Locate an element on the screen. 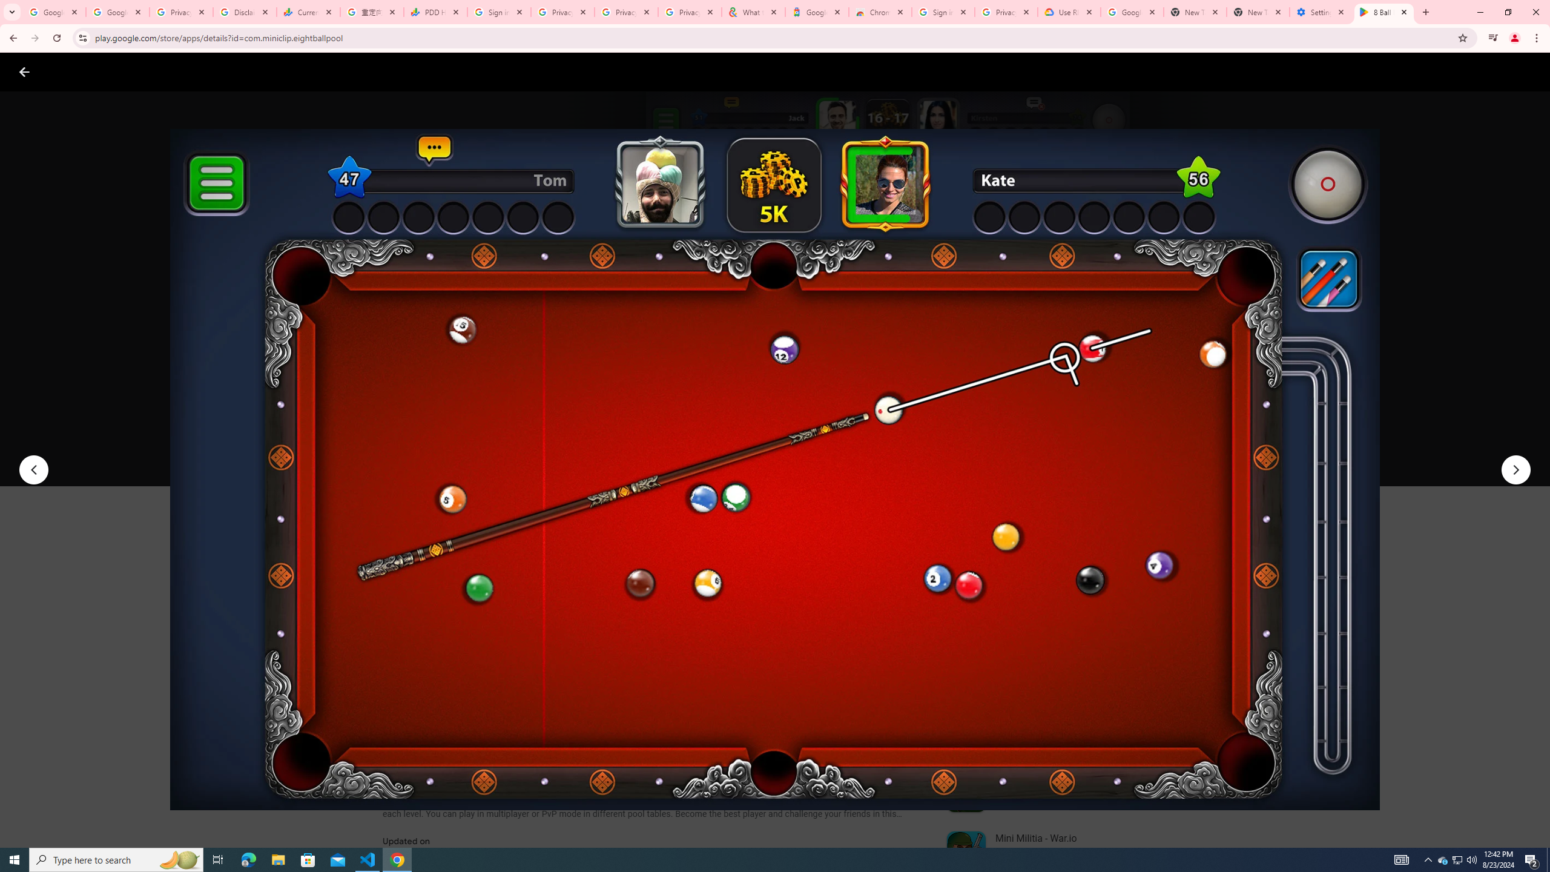 The image size is (1550, 872). 'Currencies - Google Finance' is located at coordinates (308, 12).